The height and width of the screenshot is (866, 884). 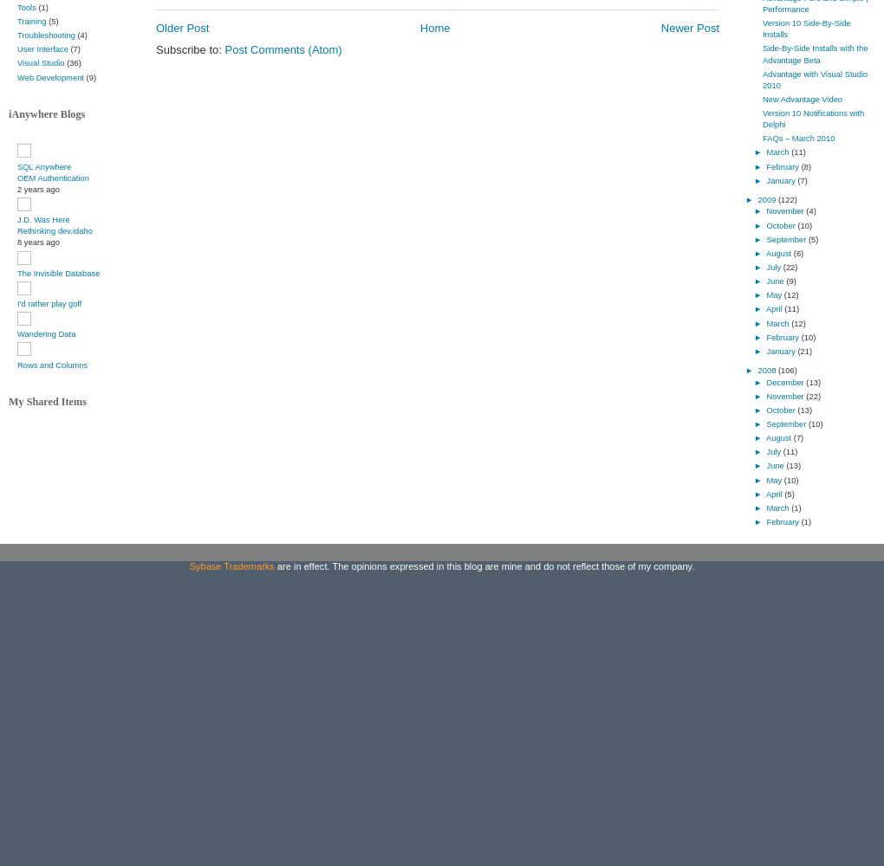 What do you see at coordinates (766, 198) in the screenshot?
I see `'2009'` at bounding box center [766, 198].